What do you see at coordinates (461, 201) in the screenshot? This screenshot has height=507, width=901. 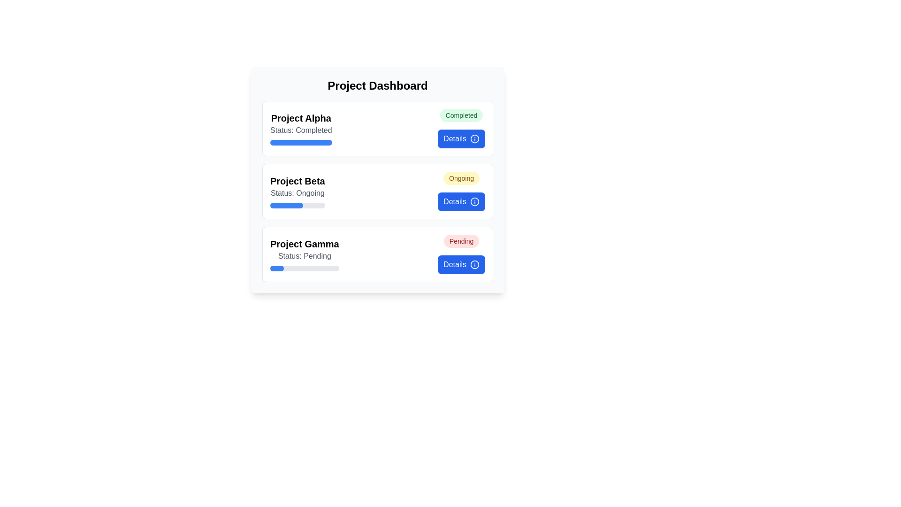 I see `the blue rectangular button labeled 'Details' to observe its hover effects, which darken its background` at bounding box center [461, 201].